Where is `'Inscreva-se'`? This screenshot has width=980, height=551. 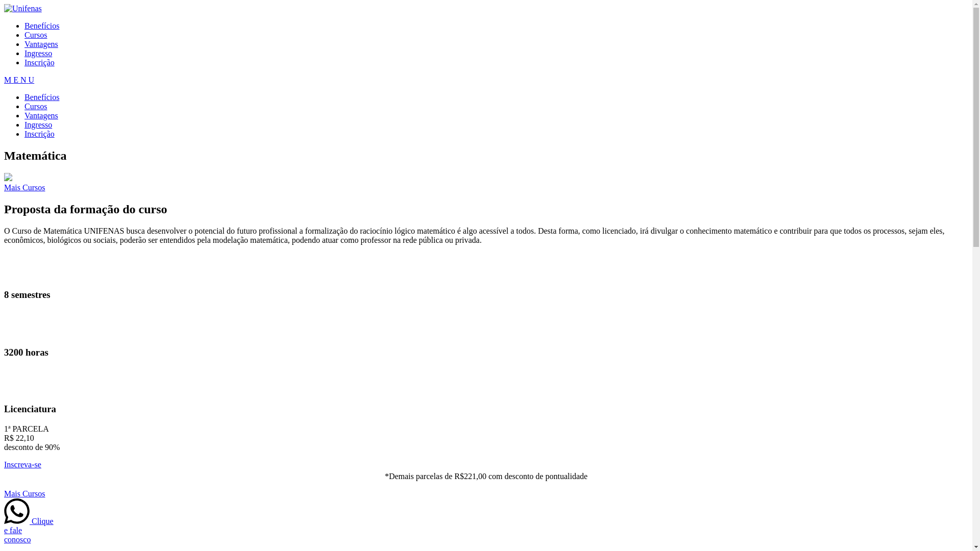
'Inscreva-se' is located at coordinates (4, 464).